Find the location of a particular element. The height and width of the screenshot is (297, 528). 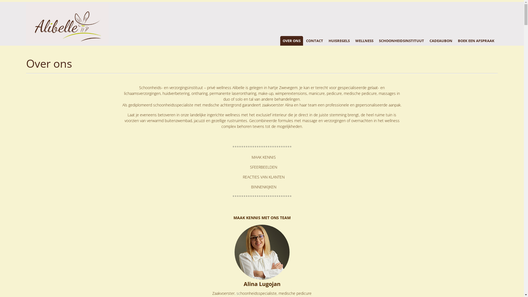

'BOEK EEN AFSPRAAK' is located at coordinates (476, 40).